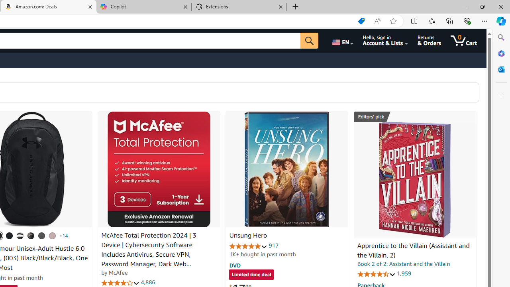  Describe the element at coordinates (52, 235) in the screenshot. I see `'(015) Tetra Gray / Tetra Gray / Gray Matter'` at that location.